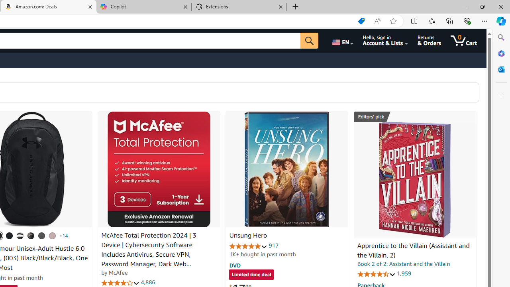  Describe the element at coordinates (52, 235) in the screenshot. I see `'(015) Tetra Gray / Tetra Gray / Gray Matter'` at that location.